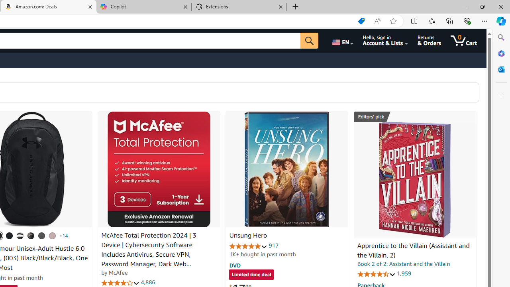  Describe the element at coordinates (52, 235) in the screenshot. I see `'(015) Tetra Gray / Tetra Gray / Gray Matter'` at that location.